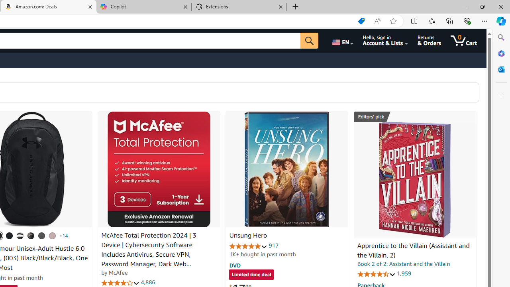  Describe the element at coordinates (52, 235) in the screenshot. I see `'(015) Tetra Gray / Tetra Gray / Gray Matter'` at that location.